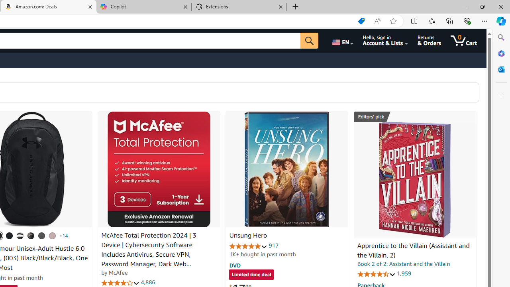  Describe the element at coordinates (52, 235) in the screenshot. I see `'(015) Tetra Gray / Tetra Gray / Gray Matter'` at that location.